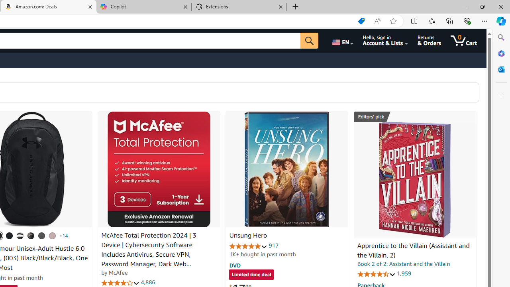  Describe the element at coordinates (52, 235) in the screenshot. I see `'(015) Tetra Gray / Tetra Gray / Gray Matter'` at that location.